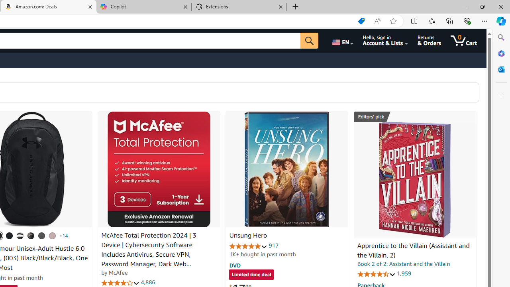  Describe the element at coordinates (52, 235) in the screenshot. I see `'(015) Tetra Gray / Tetra Gray / Gray Matter'` at that location.